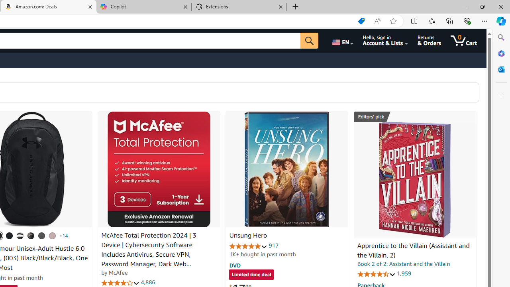  Describe the element at coordinates (52, 235) in the screenshot. I see `'(015) Tetra Gray / Tetra Gray / Gray Matter'` at that location.